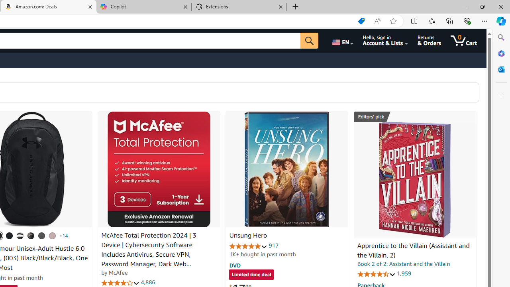  Describe the element at coordinates (52, 235) in the screenshot. I see `'(015) Tetra Gray / Tetra Gray / Gray Matter'` at that location.